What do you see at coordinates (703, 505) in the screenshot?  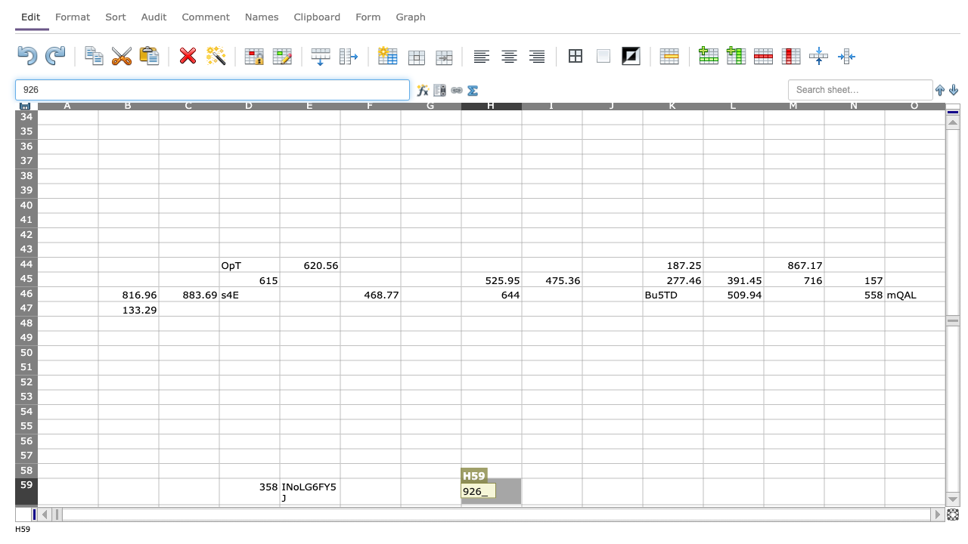 I see `Auto-fill point of cell K59` at bounding box center [703, 505].